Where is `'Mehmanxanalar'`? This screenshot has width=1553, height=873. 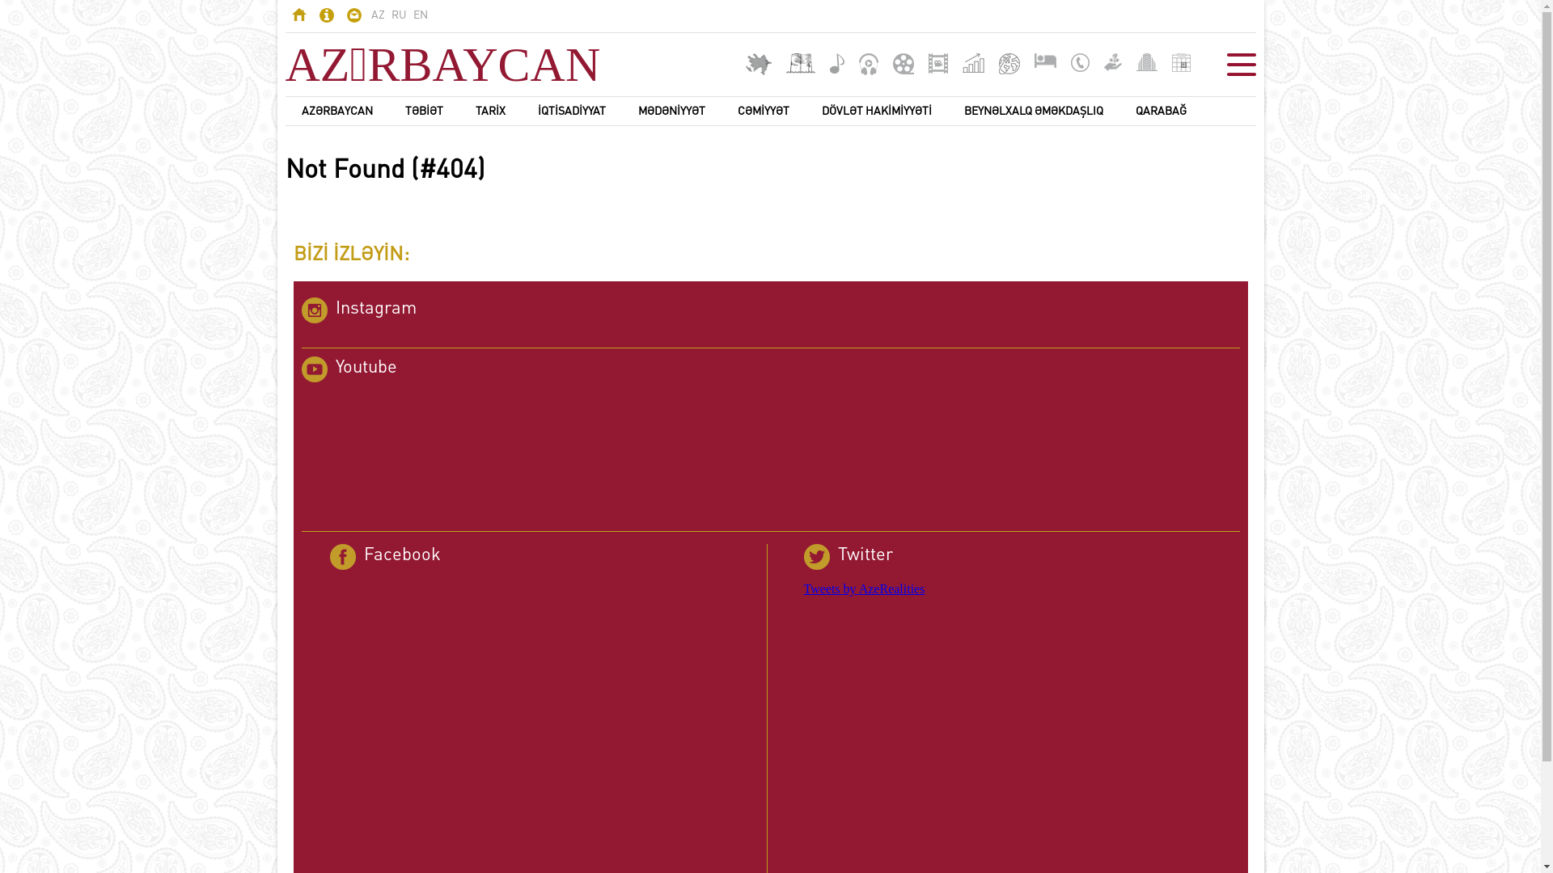
'Mehmanxanalar' is located at coordinates (1044, 59).